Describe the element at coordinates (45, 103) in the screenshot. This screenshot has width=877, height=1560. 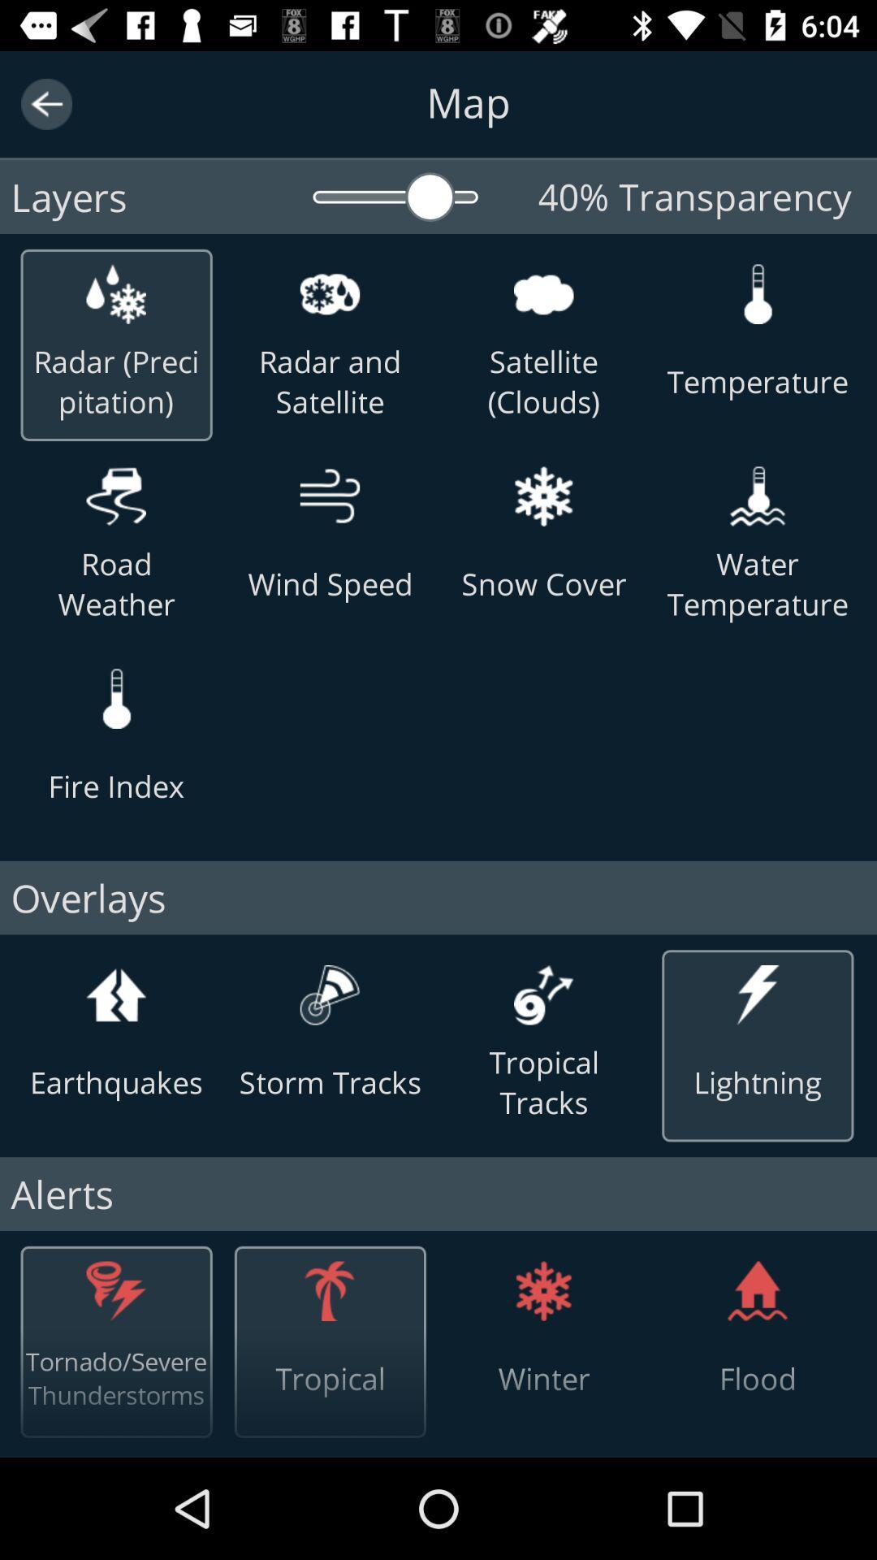
I see `item next to map` at that location.